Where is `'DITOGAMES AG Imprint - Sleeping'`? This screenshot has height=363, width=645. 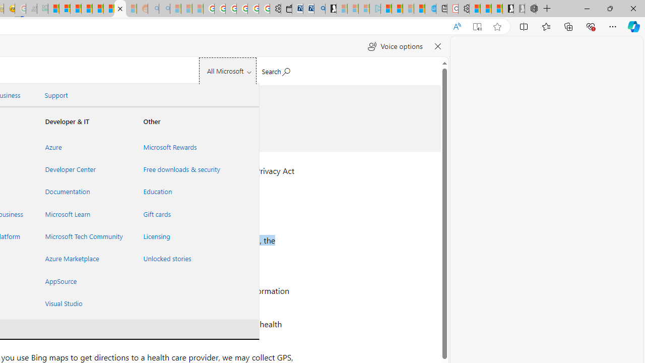 'DITOGAMES AG Imprint - Sleeping' is located at coordinates (42, 9).